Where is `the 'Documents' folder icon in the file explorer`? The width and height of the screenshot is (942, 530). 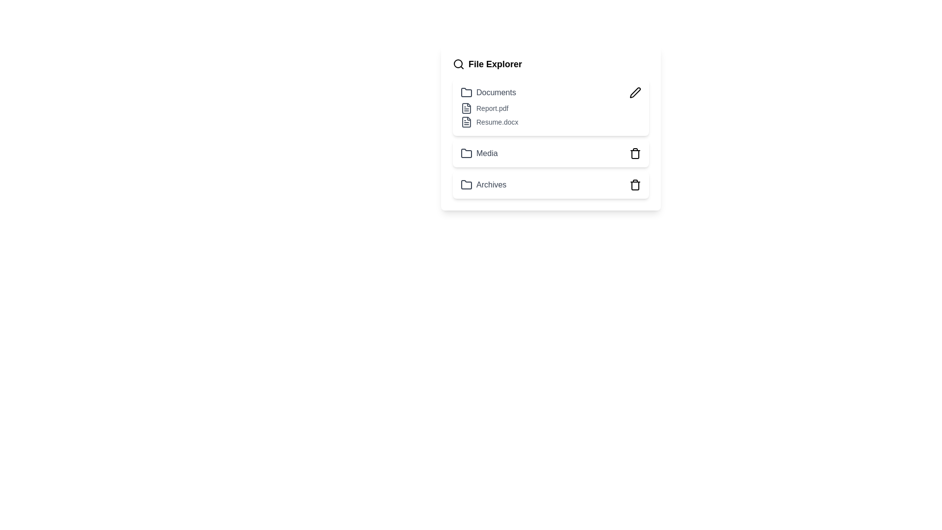
the 'Documents' folder icon in the file explorer is located at coordinates (488, 93).